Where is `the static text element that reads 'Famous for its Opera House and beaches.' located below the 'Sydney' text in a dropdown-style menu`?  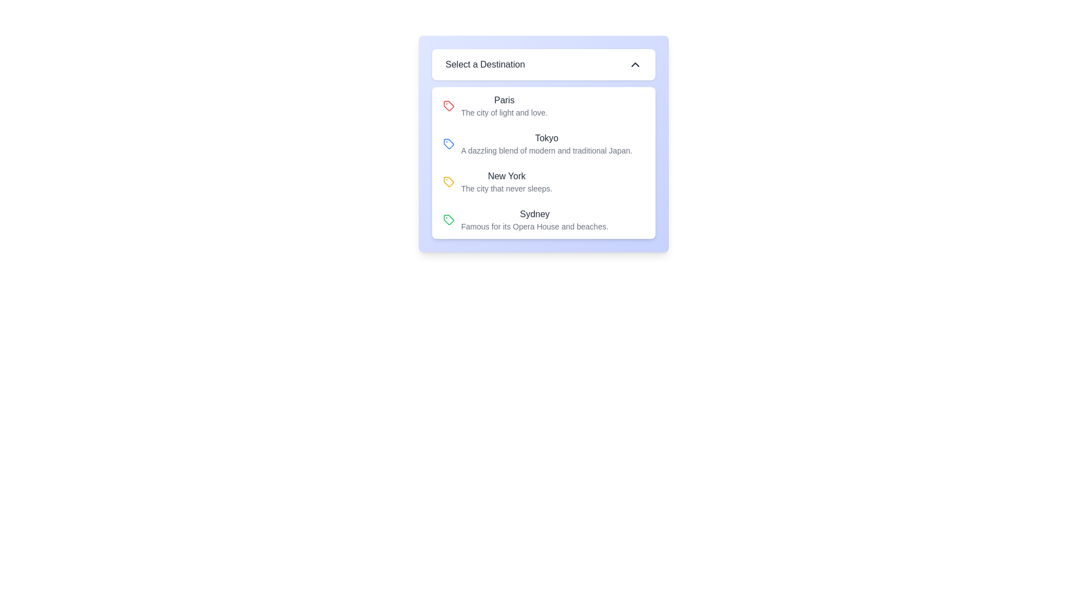
the static text element that reads 'Famous for its Opera House and beaches.' located below the 'Sydney' text in a dropdown-style menu is located at coordinates (534, 226).